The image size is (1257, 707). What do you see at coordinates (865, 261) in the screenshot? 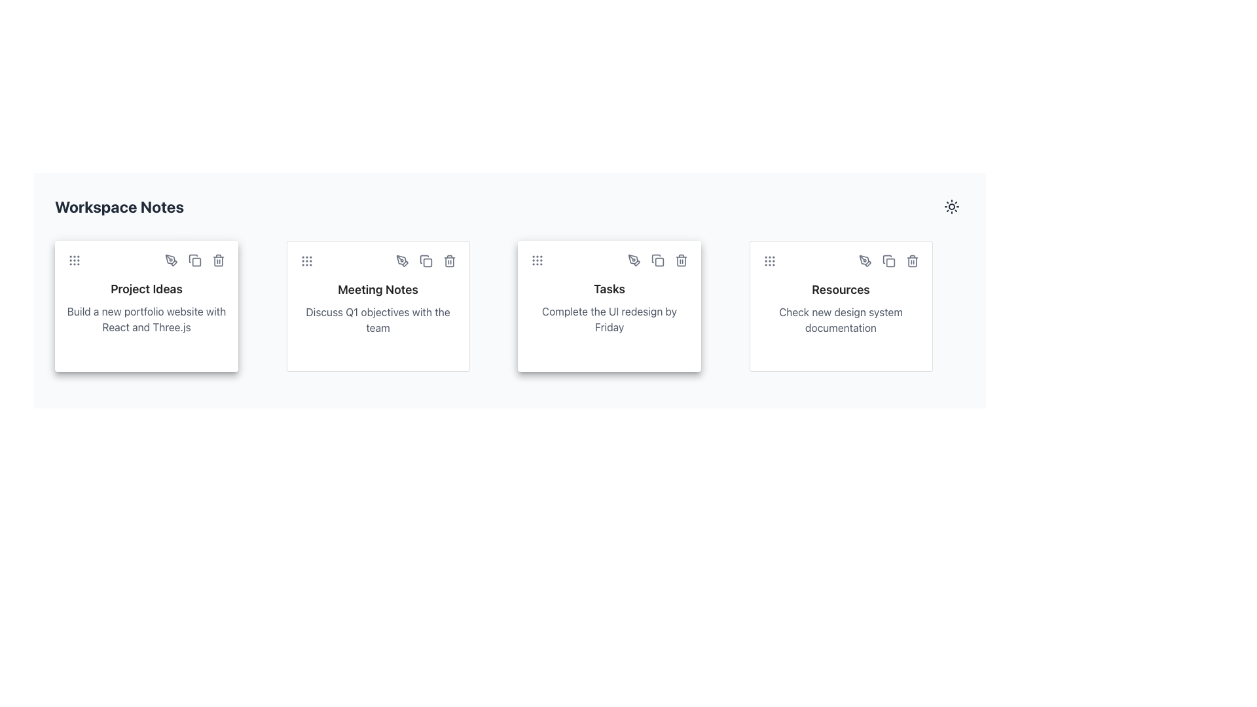
I see `the pen-like icon button located in the top-right corner of the 'Resources' card` at bounding box center [865, 261].